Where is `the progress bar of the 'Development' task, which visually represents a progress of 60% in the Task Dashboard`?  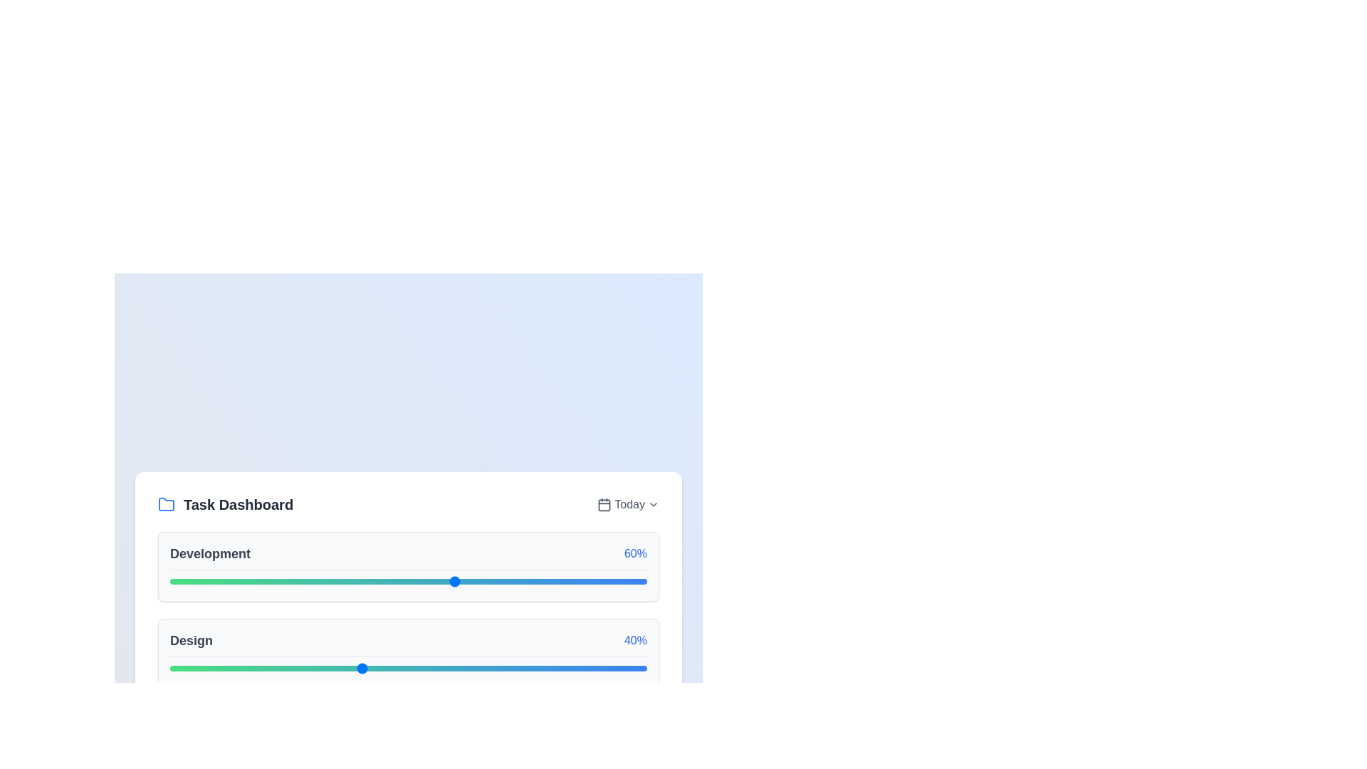
the progress bar of the 'Development' task, which visually represents a progress of 60% in the Task Dashboard is located at coordinates (408, 565).